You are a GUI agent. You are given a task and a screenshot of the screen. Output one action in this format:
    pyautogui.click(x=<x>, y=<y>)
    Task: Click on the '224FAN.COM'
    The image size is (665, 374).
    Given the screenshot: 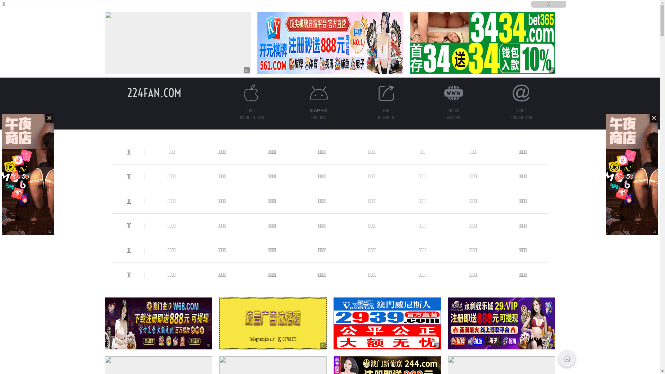 What is the action you would take?
    pyautogui.click(x=127, y=92)
    